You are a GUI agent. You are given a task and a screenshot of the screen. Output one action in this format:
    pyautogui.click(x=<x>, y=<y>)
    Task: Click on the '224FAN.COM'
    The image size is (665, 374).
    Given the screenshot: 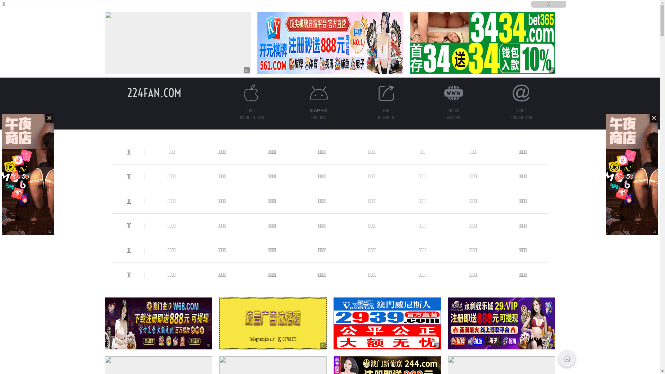 What is the action you would take?
    pyautogui.click(x=127, y=92)
    